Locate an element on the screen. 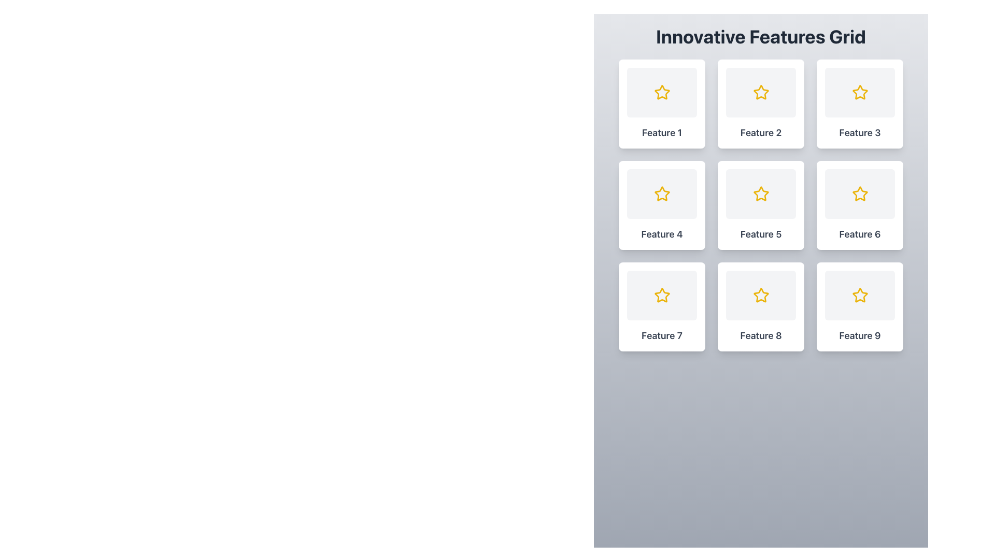  the 'Feature 3' card, which is a white rectangular card with rounded corners and a yellow star icon, located in the top-right corner of the grid layout is located at coordinates (860, 104).